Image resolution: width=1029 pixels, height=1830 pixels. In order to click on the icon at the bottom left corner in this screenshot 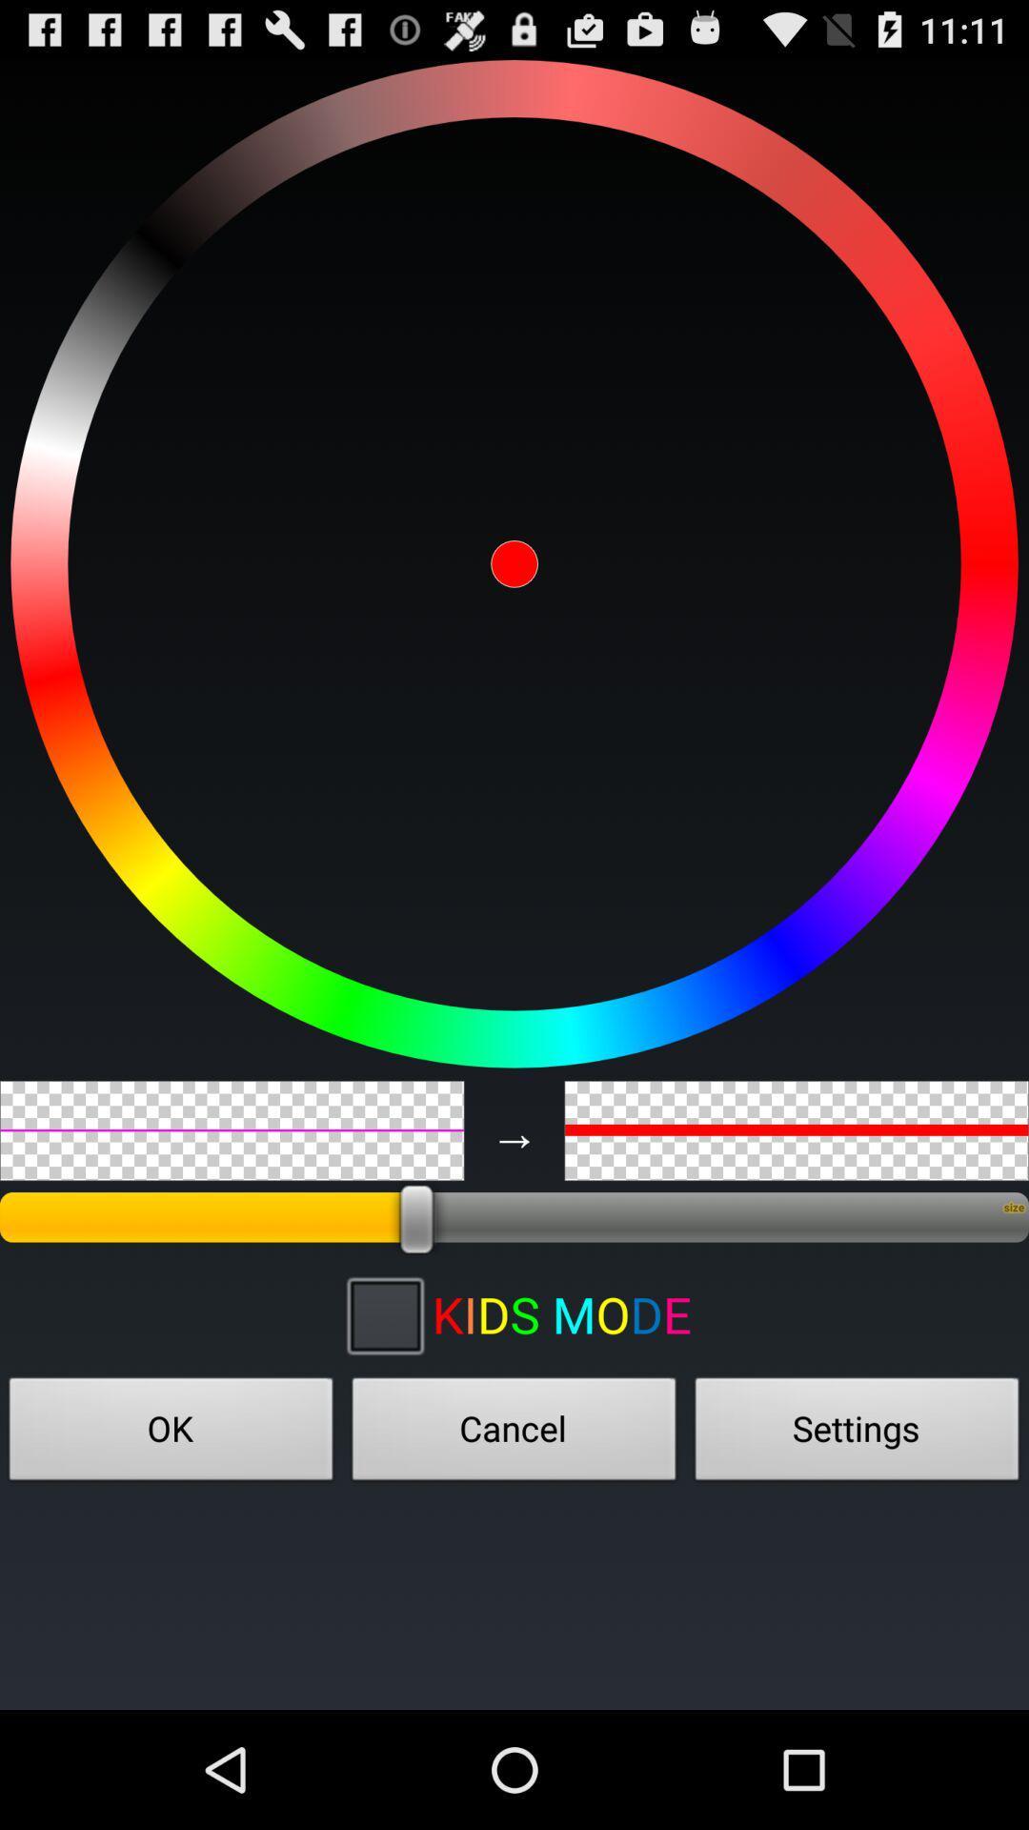, I will do `click(171, 1434)`.